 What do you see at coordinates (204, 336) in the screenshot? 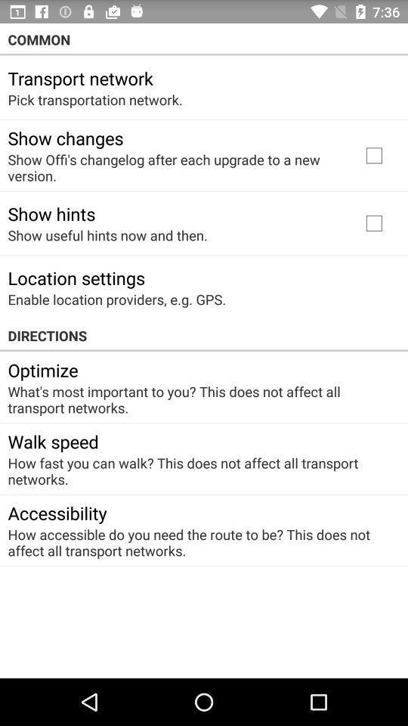
I see `the item above the optimize icon` at bounding box center [204, 336].